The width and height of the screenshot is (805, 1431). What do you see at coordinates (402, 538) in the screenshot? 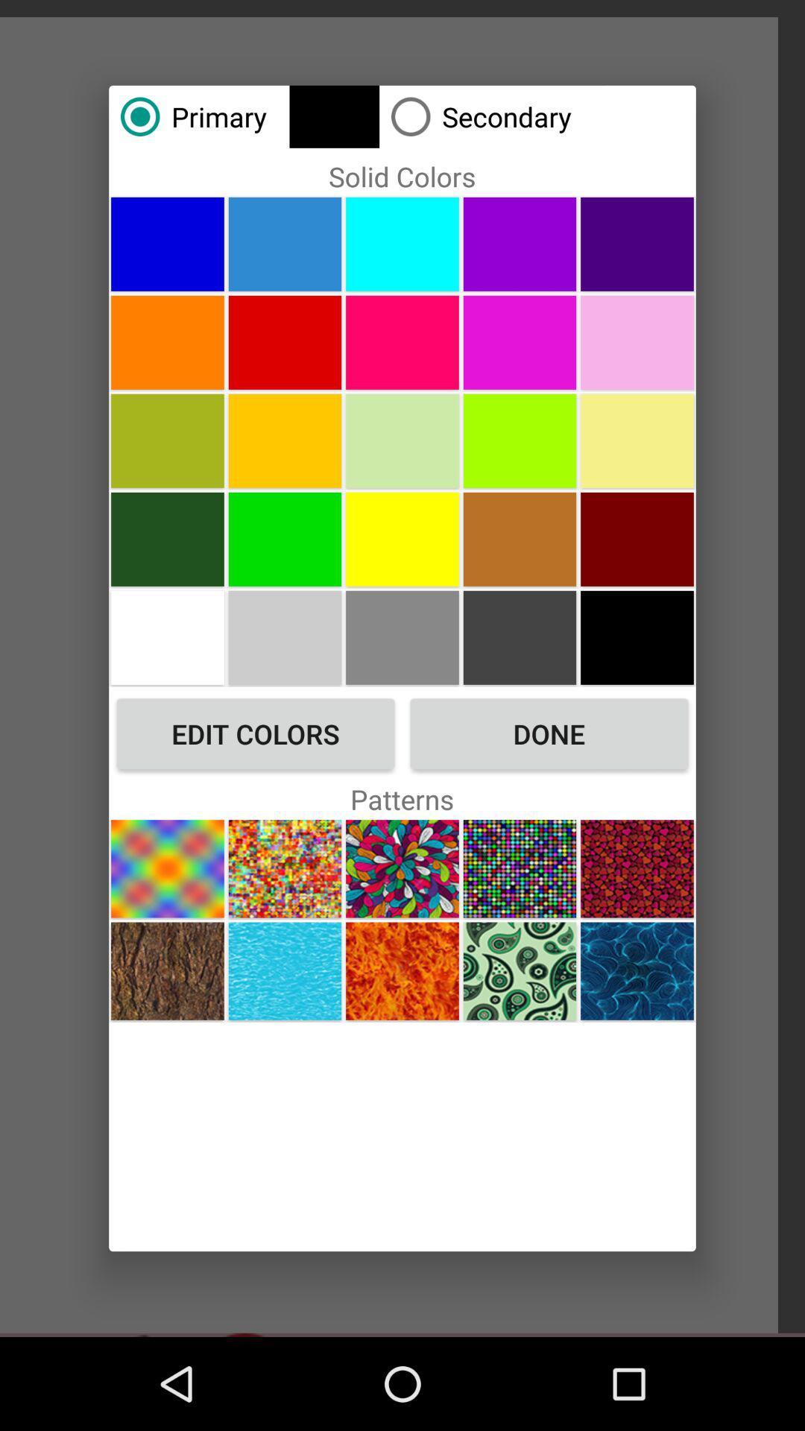
I see `choose color` at bounding box center [402, 538].